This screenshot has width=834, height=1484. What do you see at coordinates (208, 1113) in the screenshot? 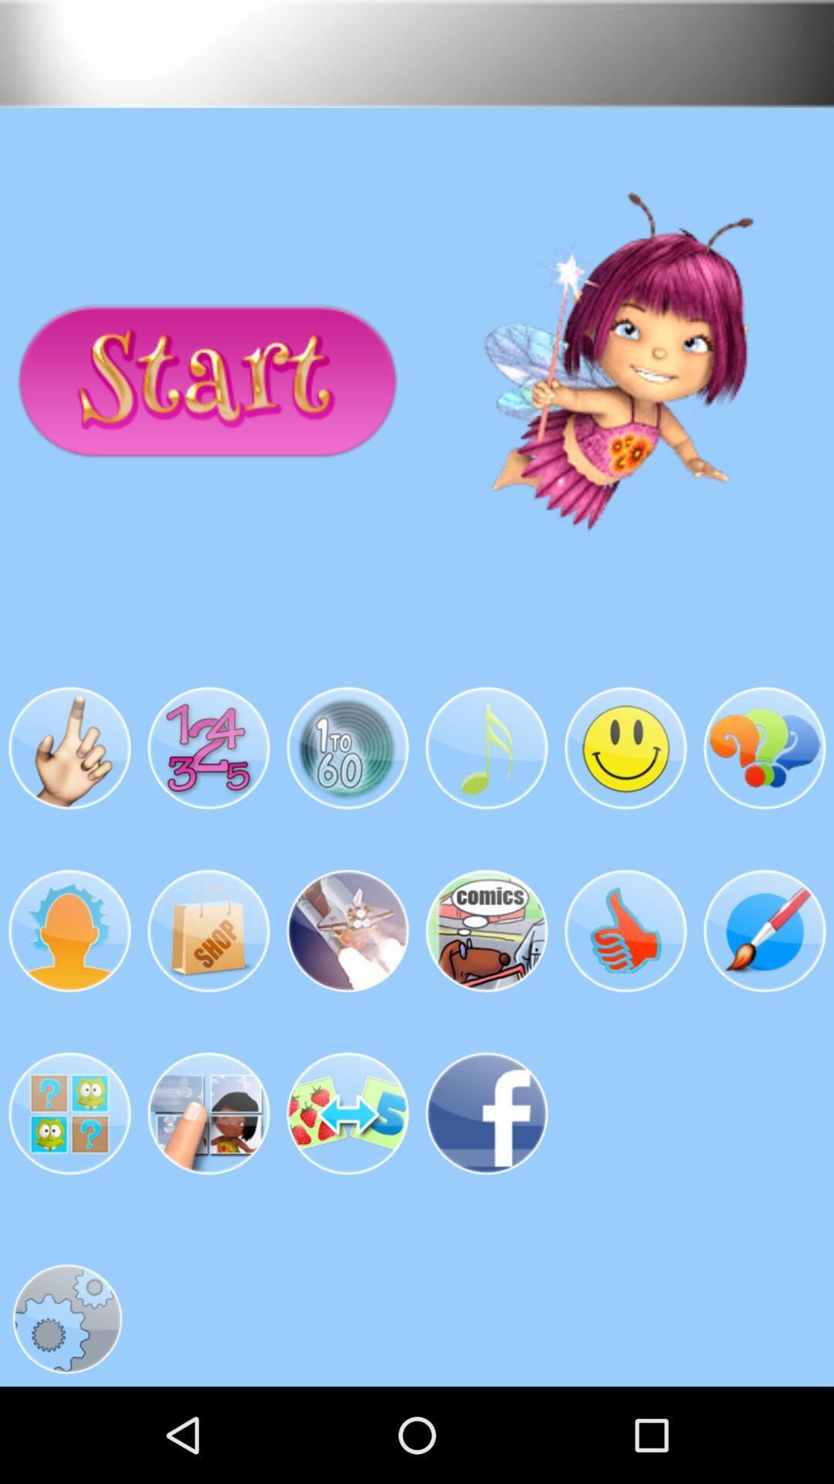
I see `the last but third icon of the page` at bounding box center [208, 1113].